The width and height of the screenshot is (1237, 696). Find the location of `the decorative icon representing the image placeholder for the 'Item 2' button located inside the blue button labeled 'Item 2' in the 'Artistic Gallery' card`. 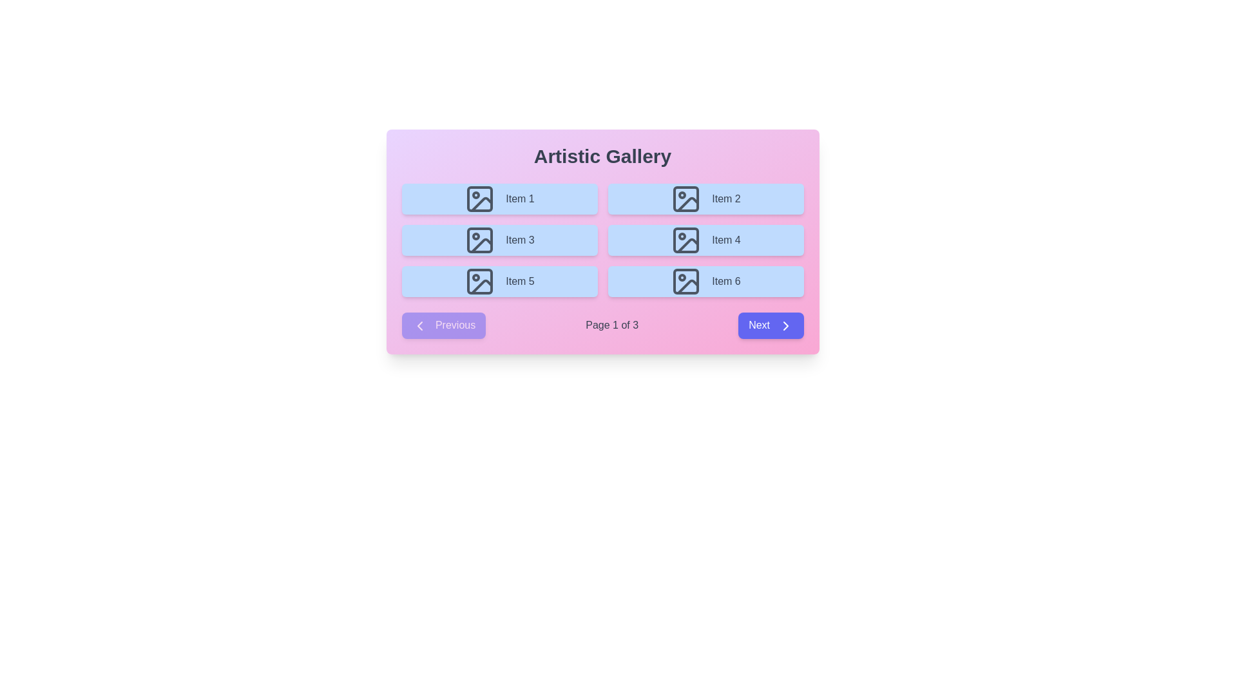

the decorative icon representing the image placeholder for the 'Item 2' button located inside the blue button labeled 'Item 2' in the 'Artistic Gallery' card is located at coordinates (686, 198).